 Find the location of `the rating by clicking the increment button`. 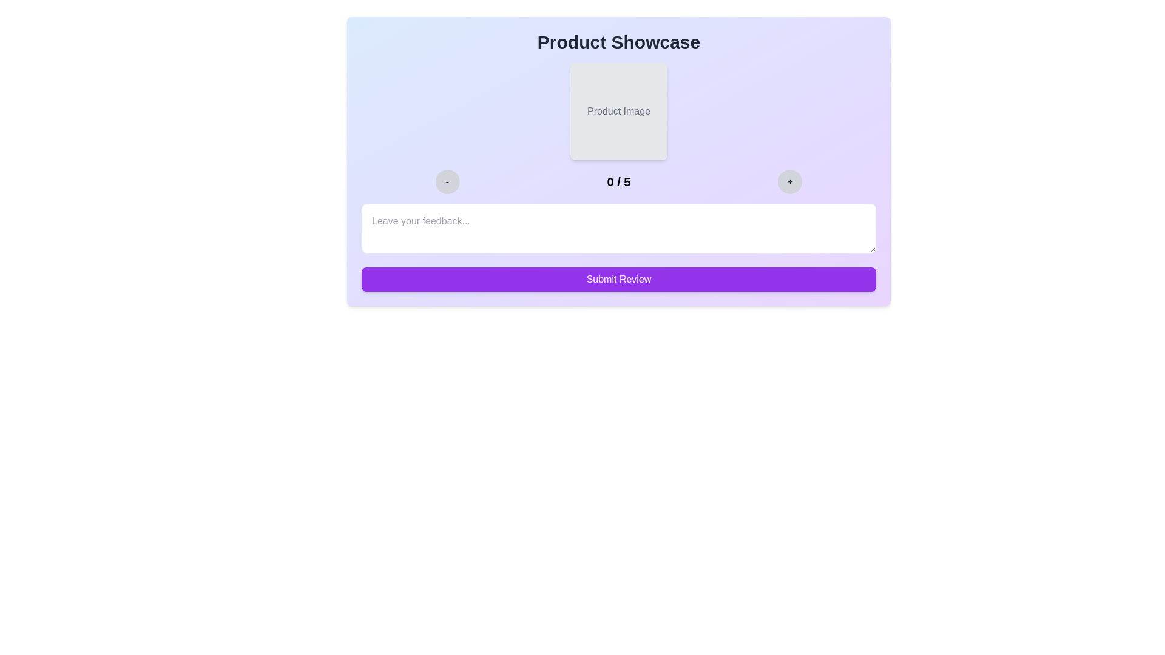

the rating by clicking the increment button is located at coordinates (790, 182).